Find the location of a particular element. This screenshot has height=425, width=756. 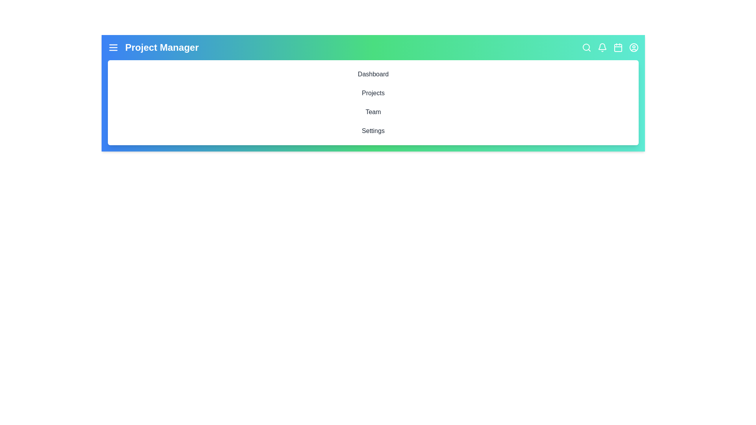

the menu icon to toggle the menu visibility is located at coordinates (113, 47).